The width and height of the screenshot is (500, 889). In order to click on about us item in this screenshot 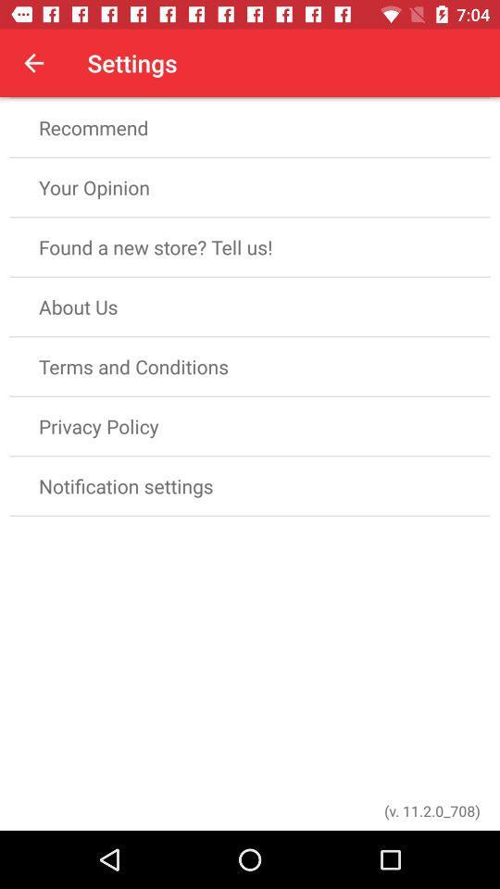, I will do `click(250, 307)`.